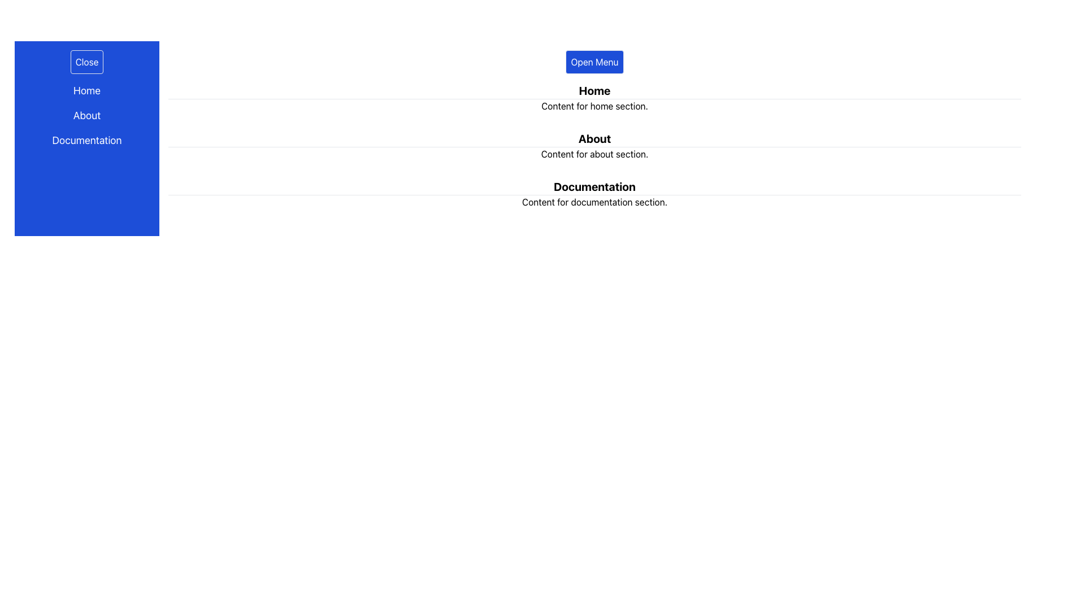 The image size is (1085, 610). What do you see at coordinates (86, 62) in the screenshot?
I see `the 'Close' button located at the top-left corner of the vertical navigation bar with a blue background` at bounding box center [86, 62].